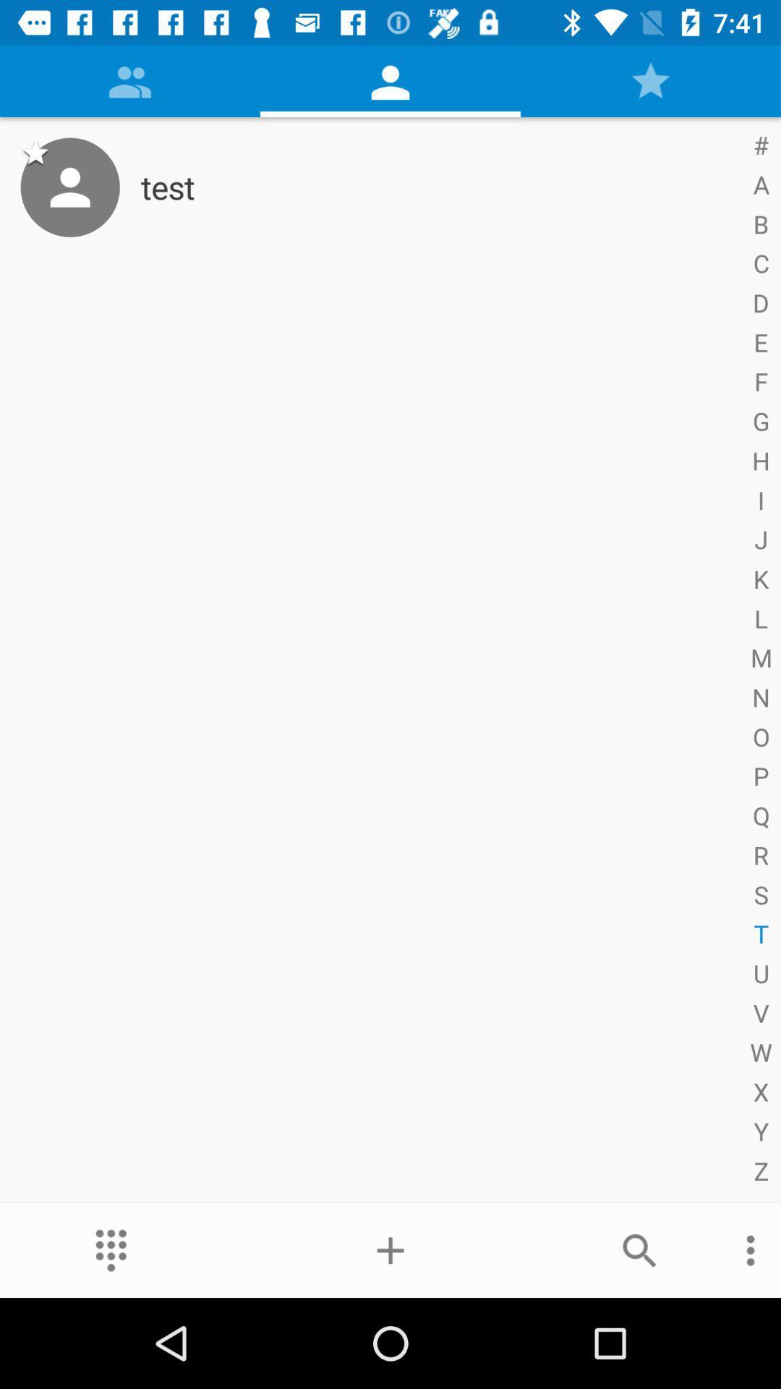  What do you see at coordinates (110, 1249) in the screenshot?
I see `the more icon` at bounding box center [110, 1249].